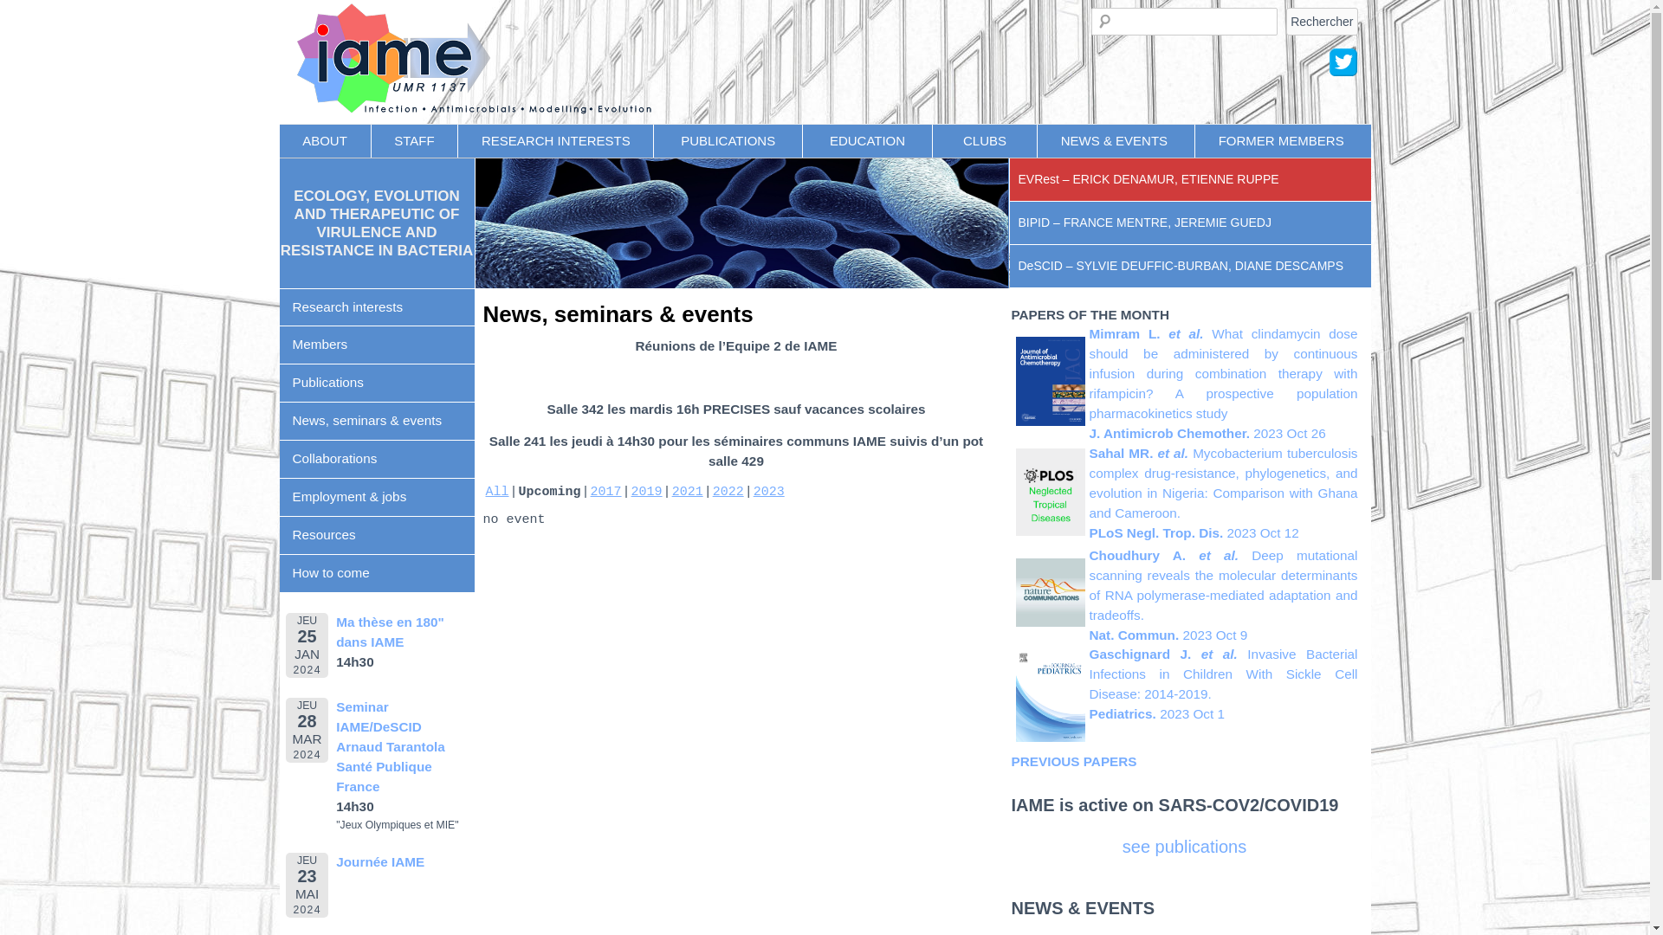 The height and width of the screenshot is (935, 1663). I want to click on 'PREVIOUS PAPERS', so click(1073, 760).